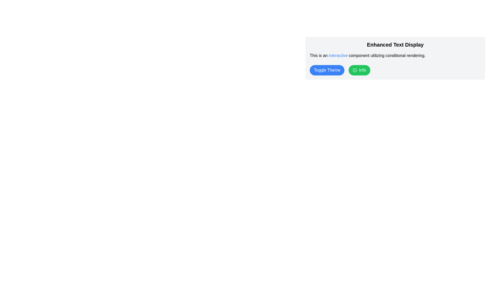  Describe the element at coordinates (327, 70) in the screenshot. I see `the leftmost button in the horizontal group at the top-right section of the interface` at that location.